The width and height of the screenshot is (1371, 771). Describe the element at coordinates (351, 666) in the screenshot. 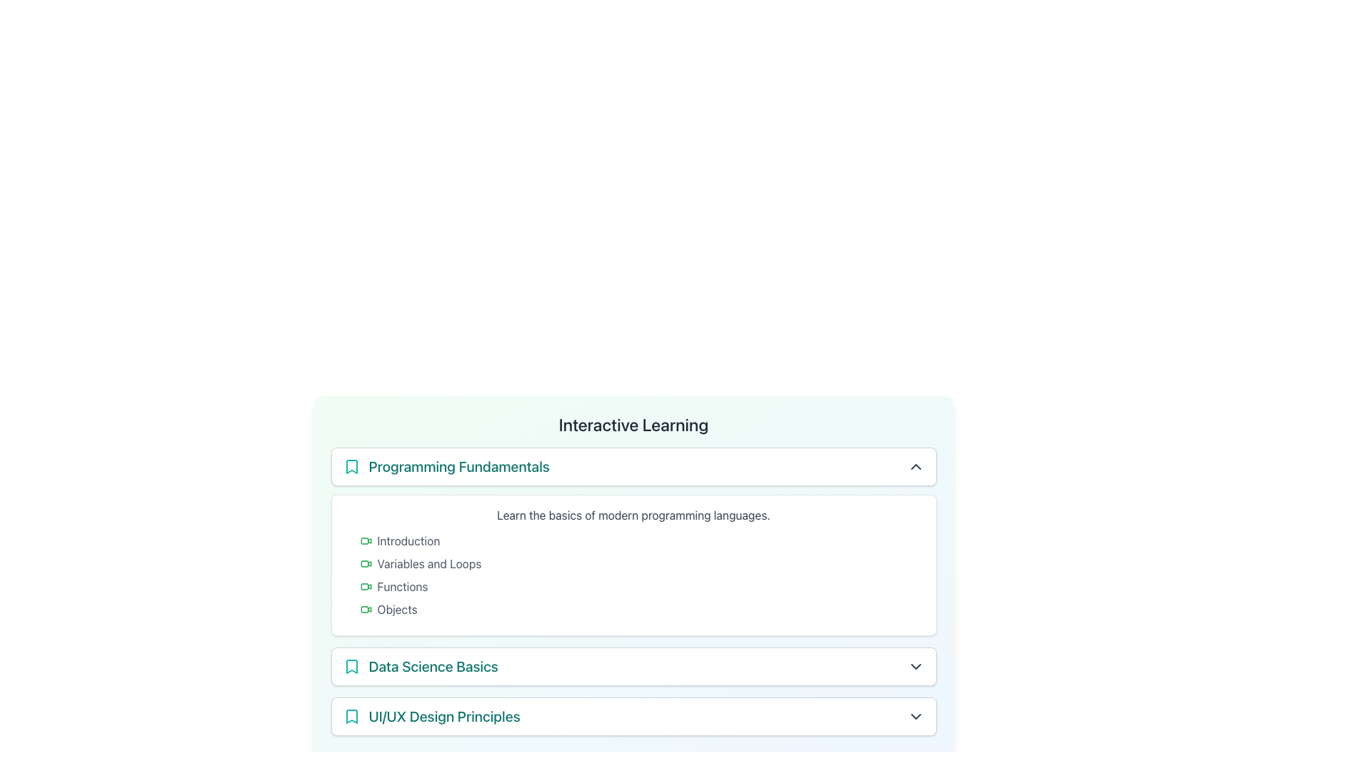

I see `the icon that serves as a visual indicator for the 'Data Science Basics' label, located to the left of the text in the middle of the list of items` at that location.